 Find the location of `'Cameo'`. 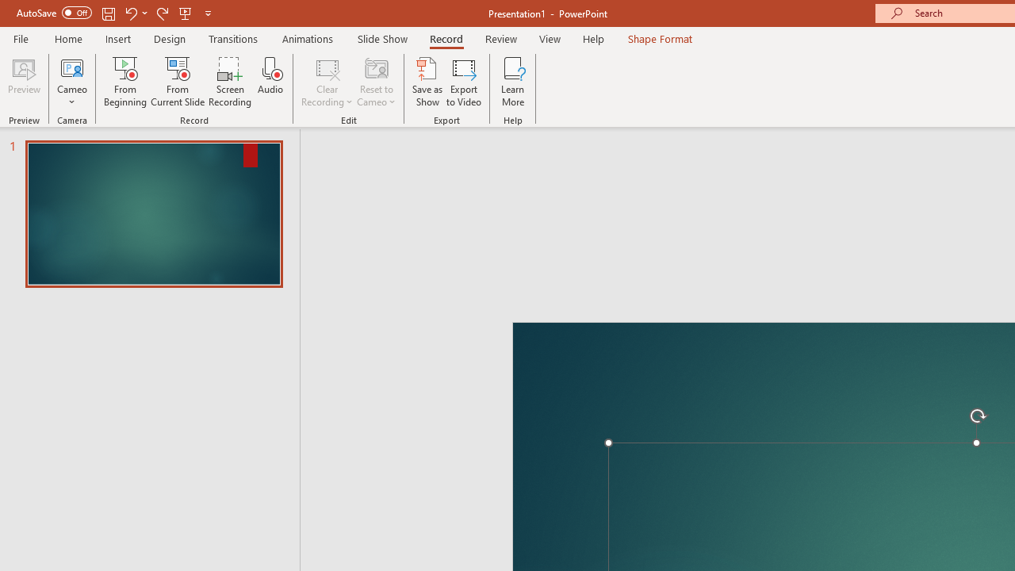

'Cameo' is located at coordinates (71, 67).